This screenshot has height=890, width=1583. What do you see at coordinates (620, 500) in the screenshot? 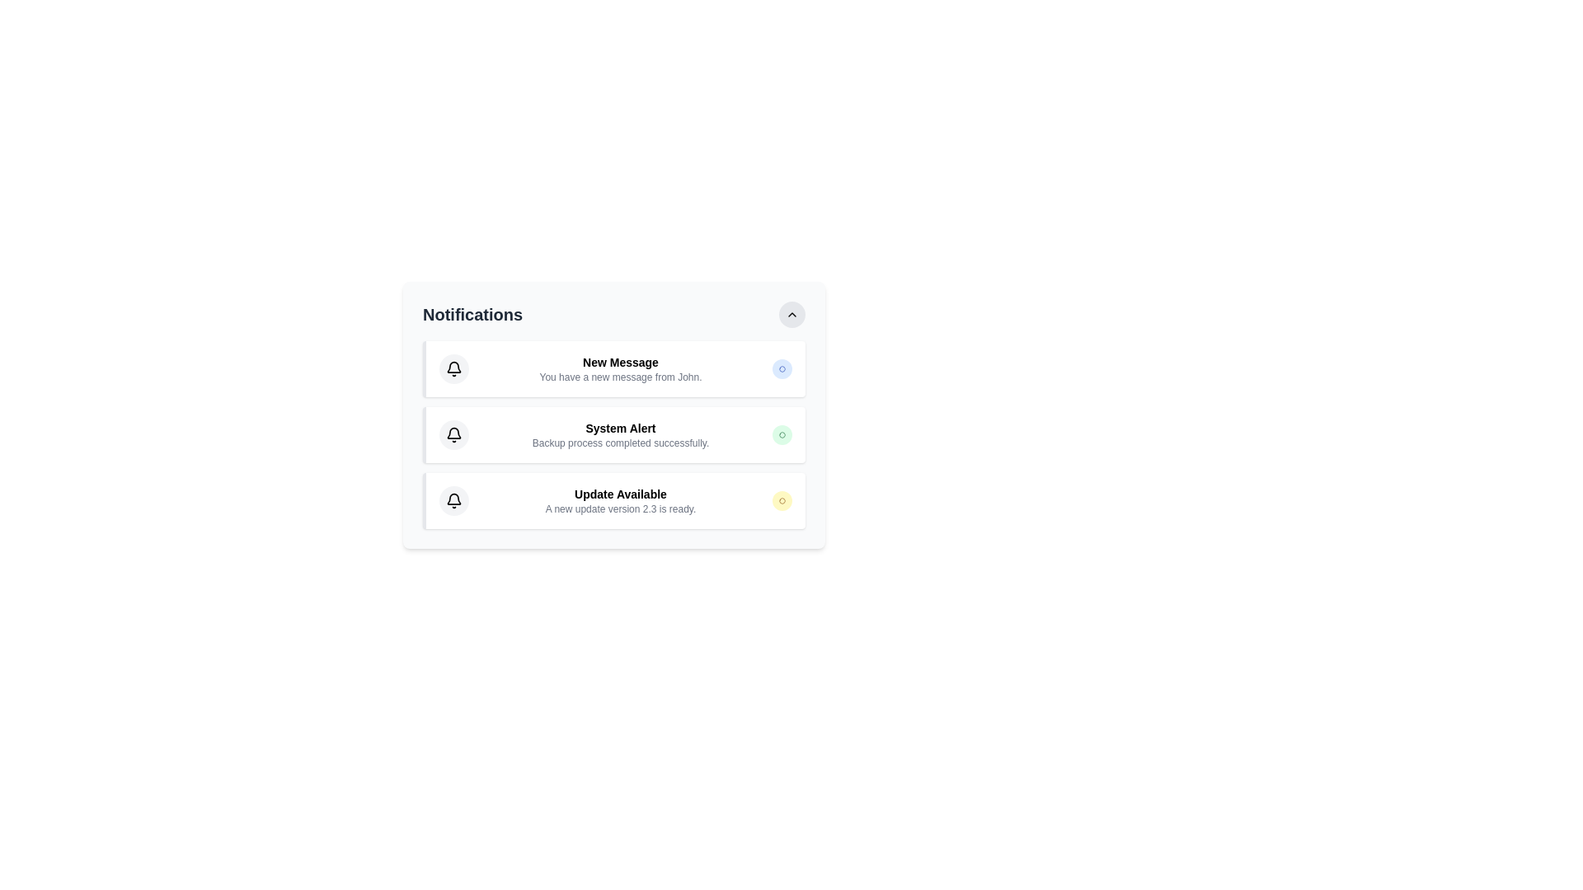
I see `the notification message indicating the availability of software update version 2.3, which is the third notification in the list, positioned below the 'System Alert'` at bounding box center [620, 500].